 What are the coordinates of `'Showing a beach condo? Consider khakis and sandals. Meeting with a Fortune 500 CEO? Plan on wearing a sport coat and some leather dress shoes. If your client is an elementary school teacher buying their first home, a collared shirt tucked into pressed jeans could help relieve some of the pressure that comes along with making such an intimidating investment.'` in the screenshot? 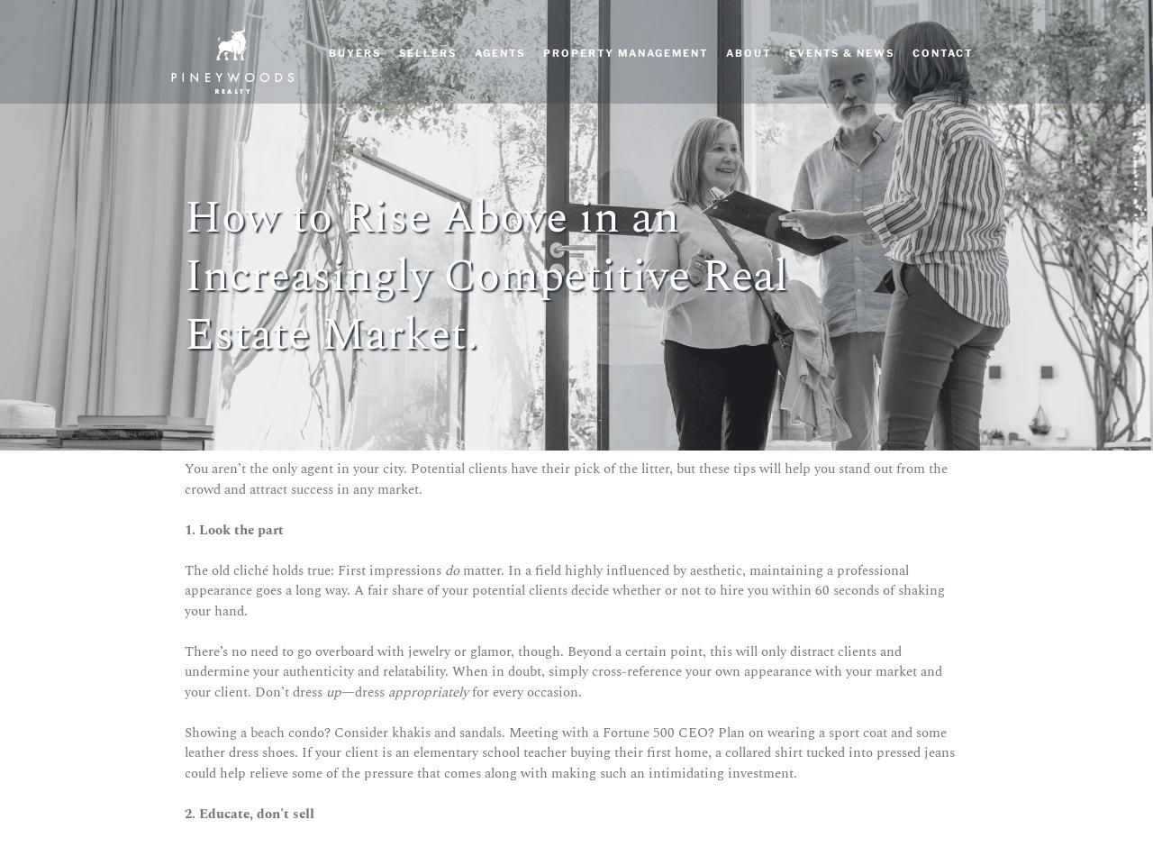 It's located at (568, 751).